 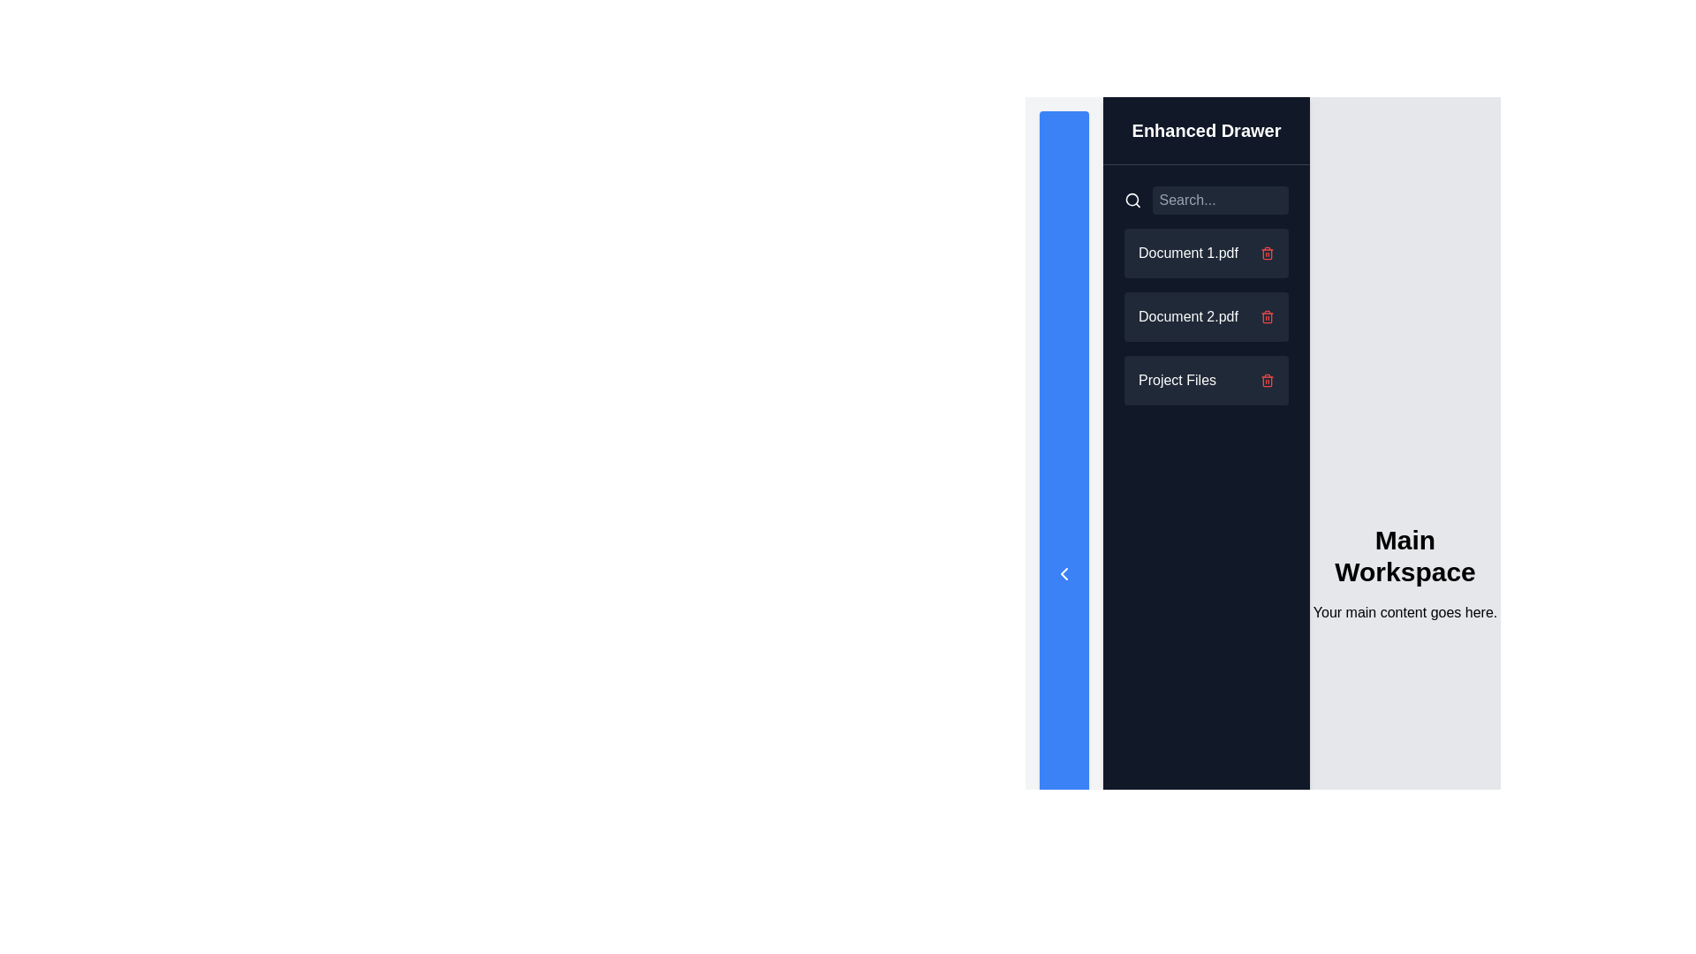 What do you see at coordinates (1177, 380) in the screenshot?
I see `the 'Project Files' label, which is the third item in the Enhanced Drawer on the left side of the interface, displayed in white text on a dark blue background` at bounding box center [1177, 380].